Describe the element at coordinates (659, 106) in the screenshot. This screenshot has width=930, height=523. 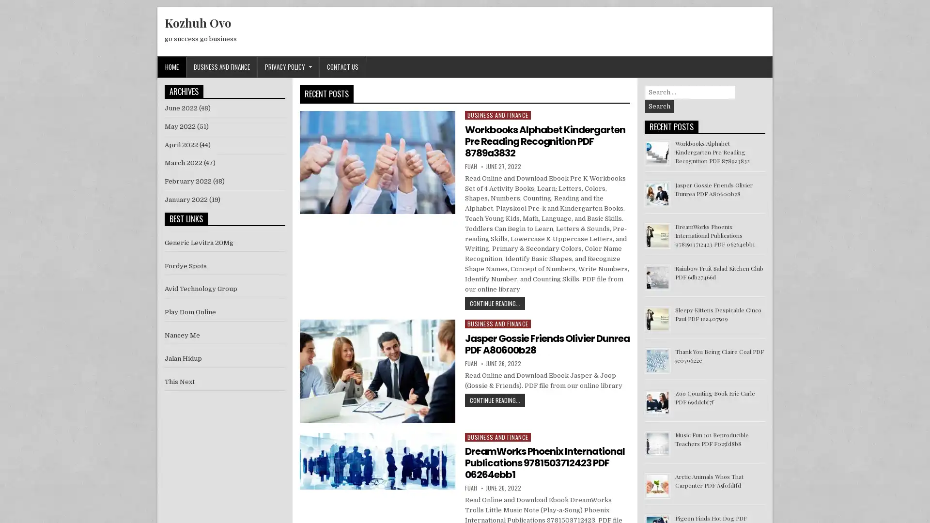
I see `Search` at that location.